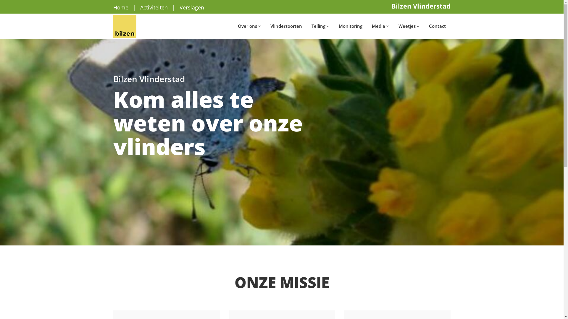 The image size is (568, 319). I want to click on 'Media', so click(380, 26).